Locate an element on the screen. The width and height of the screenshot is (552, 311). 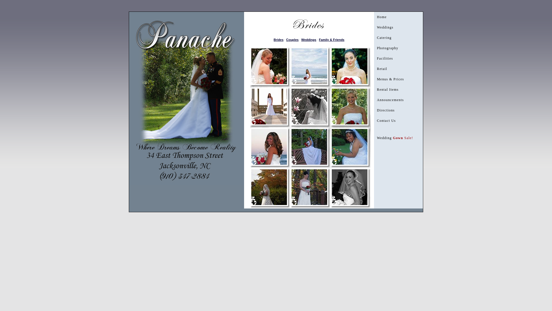
'Rental Items' is located at coordinates (398, 90).